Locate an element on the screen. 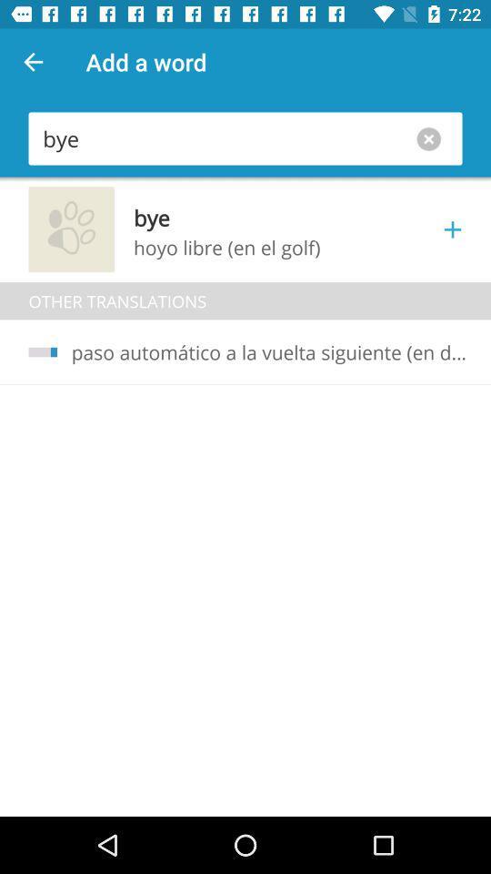 This screenshot has width=491, height=874. clear words is located at coordinates (432, 137).